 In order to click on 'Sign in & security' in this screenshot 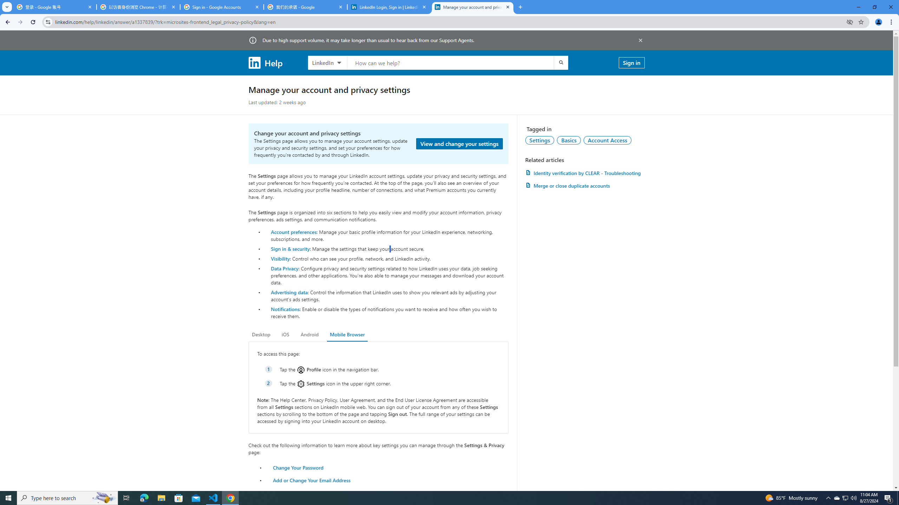, I will do `click(290, 248)`.